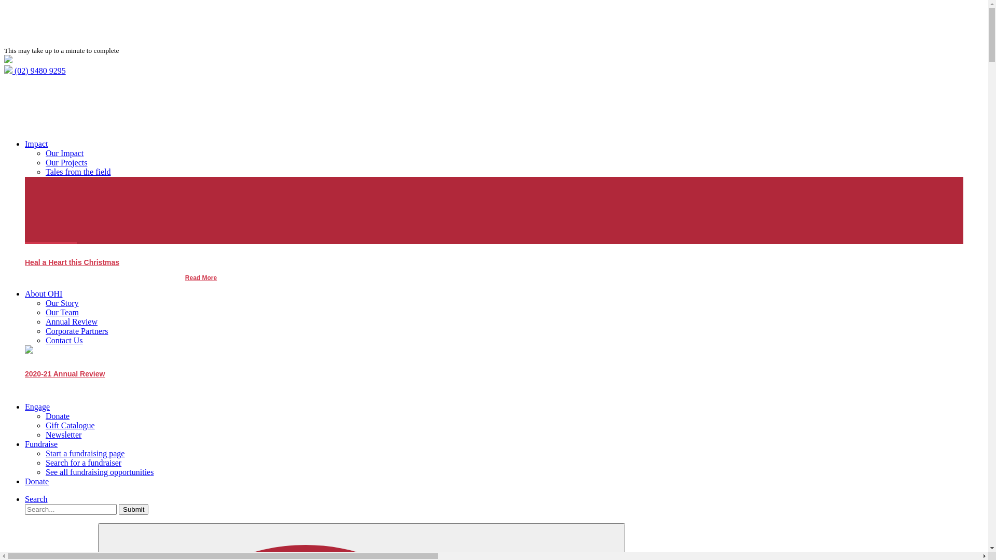 This screenshot has width=996, height=560. Describe the element at coordinates (71, 321) in the screenshot. I see `'Annual Review'` at that location.